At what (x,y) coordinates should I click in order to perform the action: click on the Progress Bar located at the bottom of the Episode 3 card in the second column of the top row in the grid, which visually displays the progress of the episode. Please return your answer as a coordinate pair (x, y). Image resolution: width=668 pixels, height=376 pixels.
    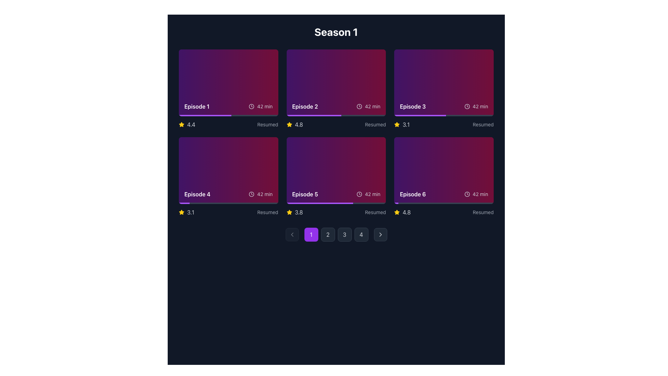
    Looking at the image, I should click on (444, 115).